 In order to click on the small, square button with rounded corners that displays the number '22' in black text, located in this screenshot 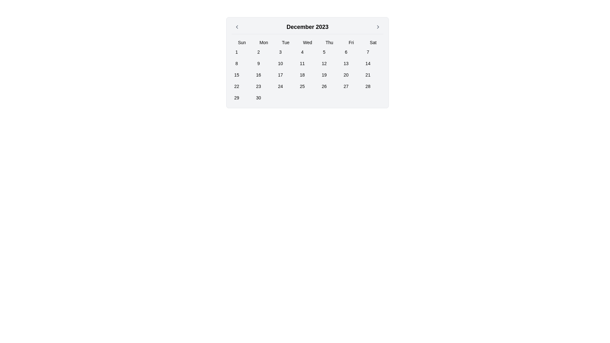, I will do `click(236, 86)`.